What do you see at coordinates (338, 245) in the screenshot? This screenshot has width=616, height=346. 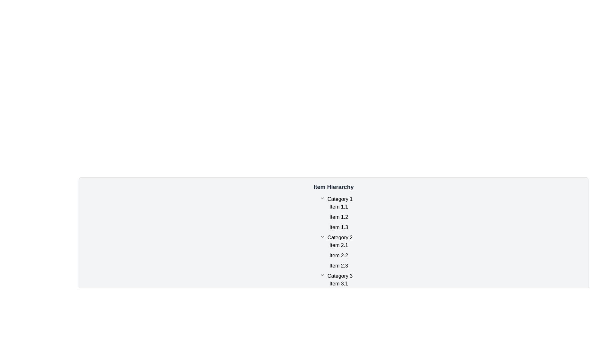 I see `the text label displaying 'Item 2.1' which is the first item under 'Category 2' in the 'Item Hierarchy' list` at bounding box center [338, 245].